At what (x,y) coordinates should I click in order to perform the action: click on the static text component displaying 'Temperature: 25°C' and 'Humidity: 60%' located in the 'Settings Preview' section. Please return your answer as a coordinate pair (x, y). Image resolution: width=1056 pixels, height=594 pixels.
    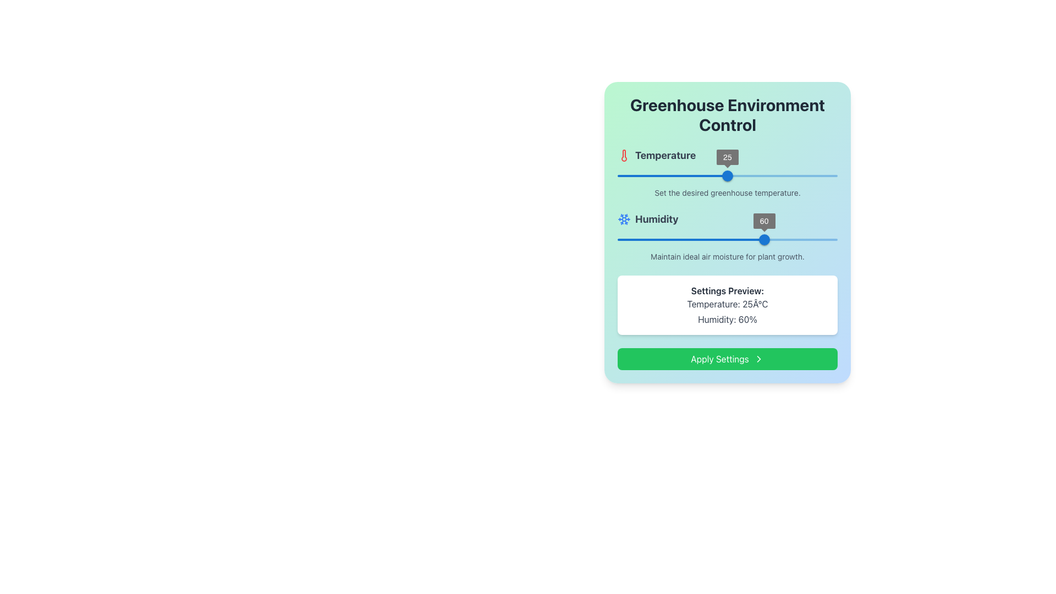
    Looking at the image, I should click on (728, 312).